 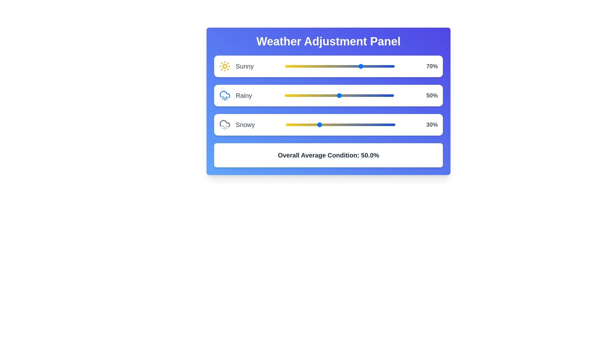 What do you see at coordinates (301, 125) in the screenshot?
I see `the snowy condition percentage` at bounding box center [301, 125].